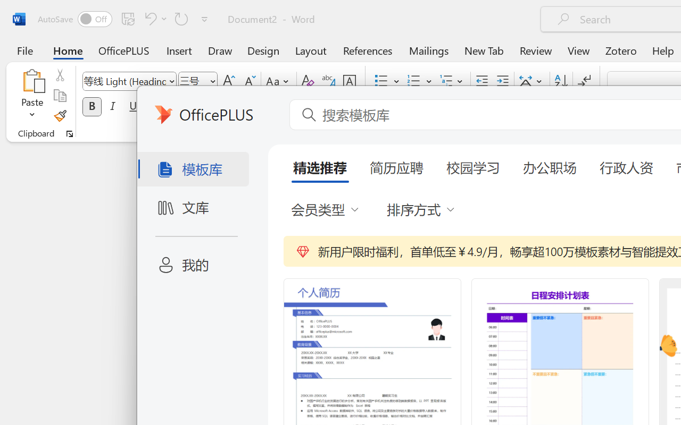  I want to click on 'Draw', so click(220, 50).